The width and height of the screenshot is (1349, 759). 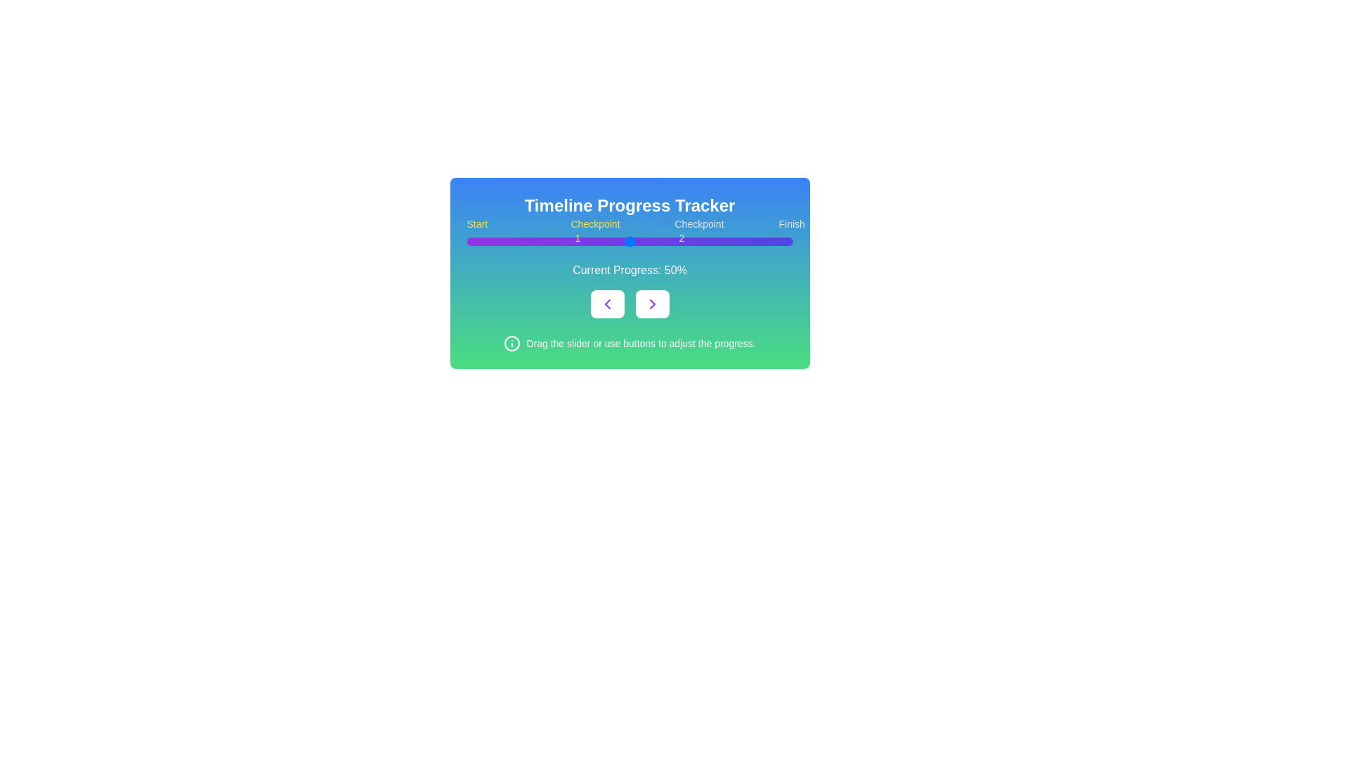 What do you see at coordinates (640, 344) in the screenshot?
I see `the instructional text element positioned at the bottom of the interface, centered horizontally below the navigation buttons` at bounding box center [640, 344].